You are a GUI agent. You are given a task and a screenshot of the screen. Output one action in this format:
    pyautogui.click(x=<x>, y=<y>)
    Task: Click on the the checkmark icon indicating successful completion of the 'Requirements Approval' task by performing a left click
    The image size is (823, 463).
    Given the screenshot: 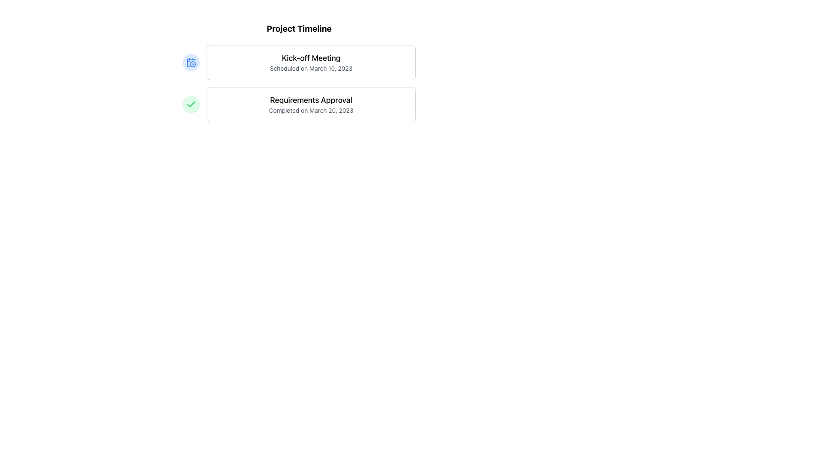 What is the action you would take?
    pyautogui.click(x=191, y=104)
    